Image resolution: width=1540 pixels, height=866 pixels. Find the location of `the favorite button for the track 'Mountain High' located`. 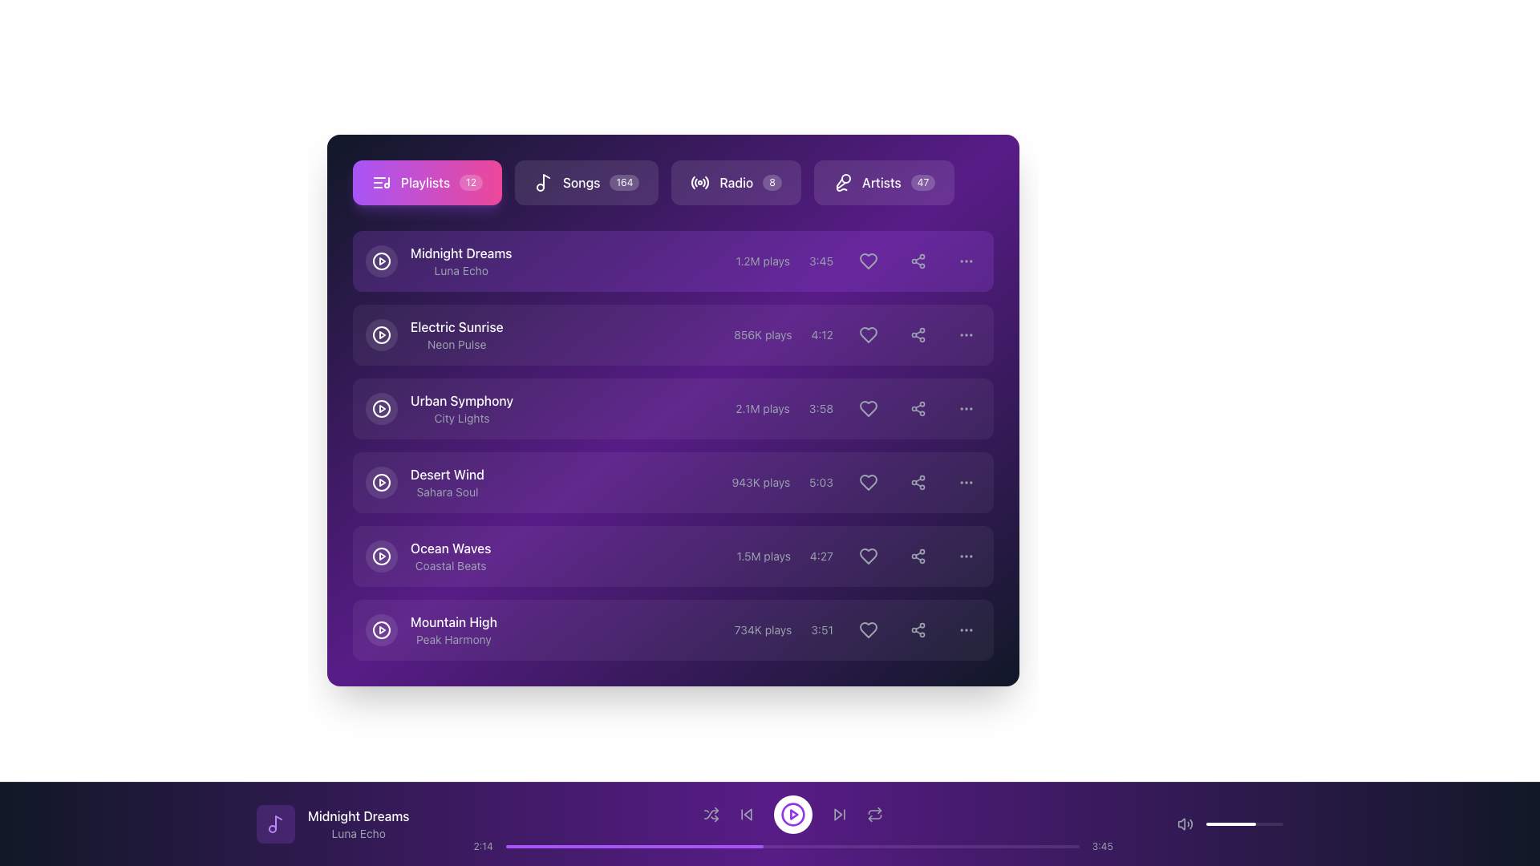

the favorite button for the track 'Mountain High' located is located at coordinates (868, 629).